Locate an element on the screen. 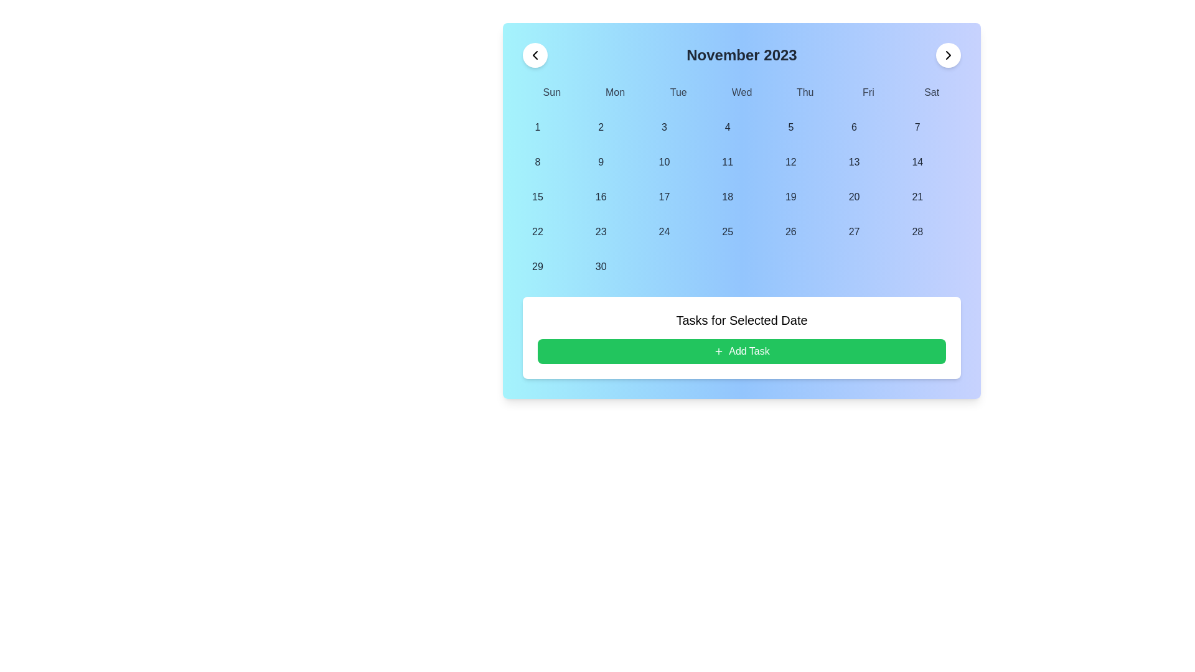 This screenshot has height=672, width=1195. the label indicating 'Sunday', which is the first day of the week in the calendar header is located at coordinates (551, 92).